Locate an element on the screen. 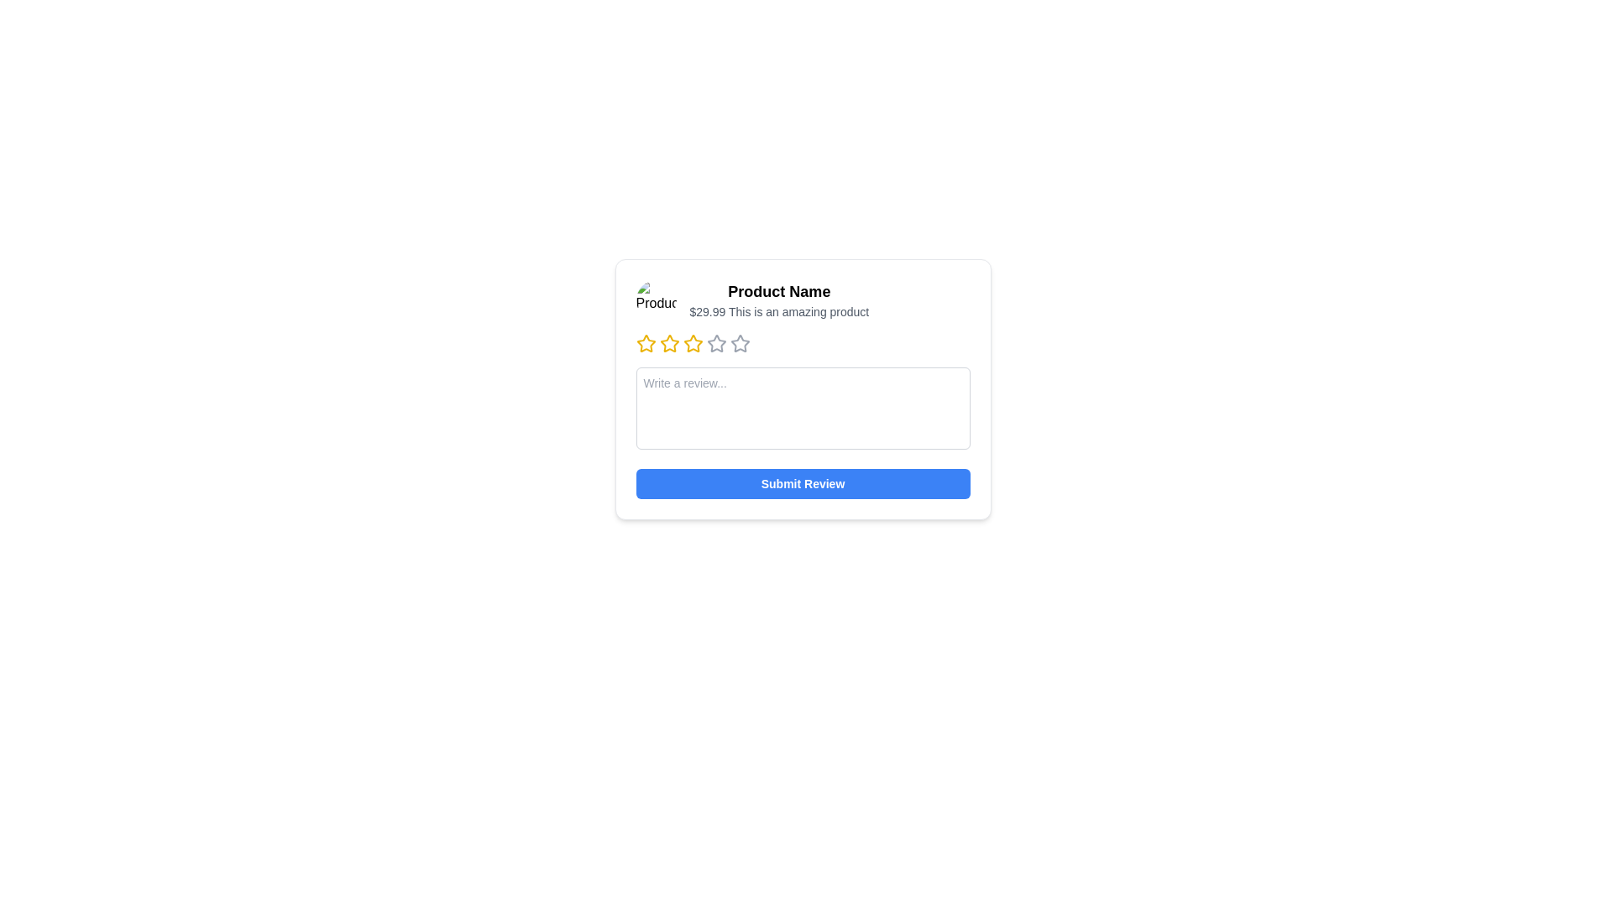 Image resolution: width=1612 pixels, height=906 pixels. the fourth star icon in the rating system is located at coordinates (716, 342).